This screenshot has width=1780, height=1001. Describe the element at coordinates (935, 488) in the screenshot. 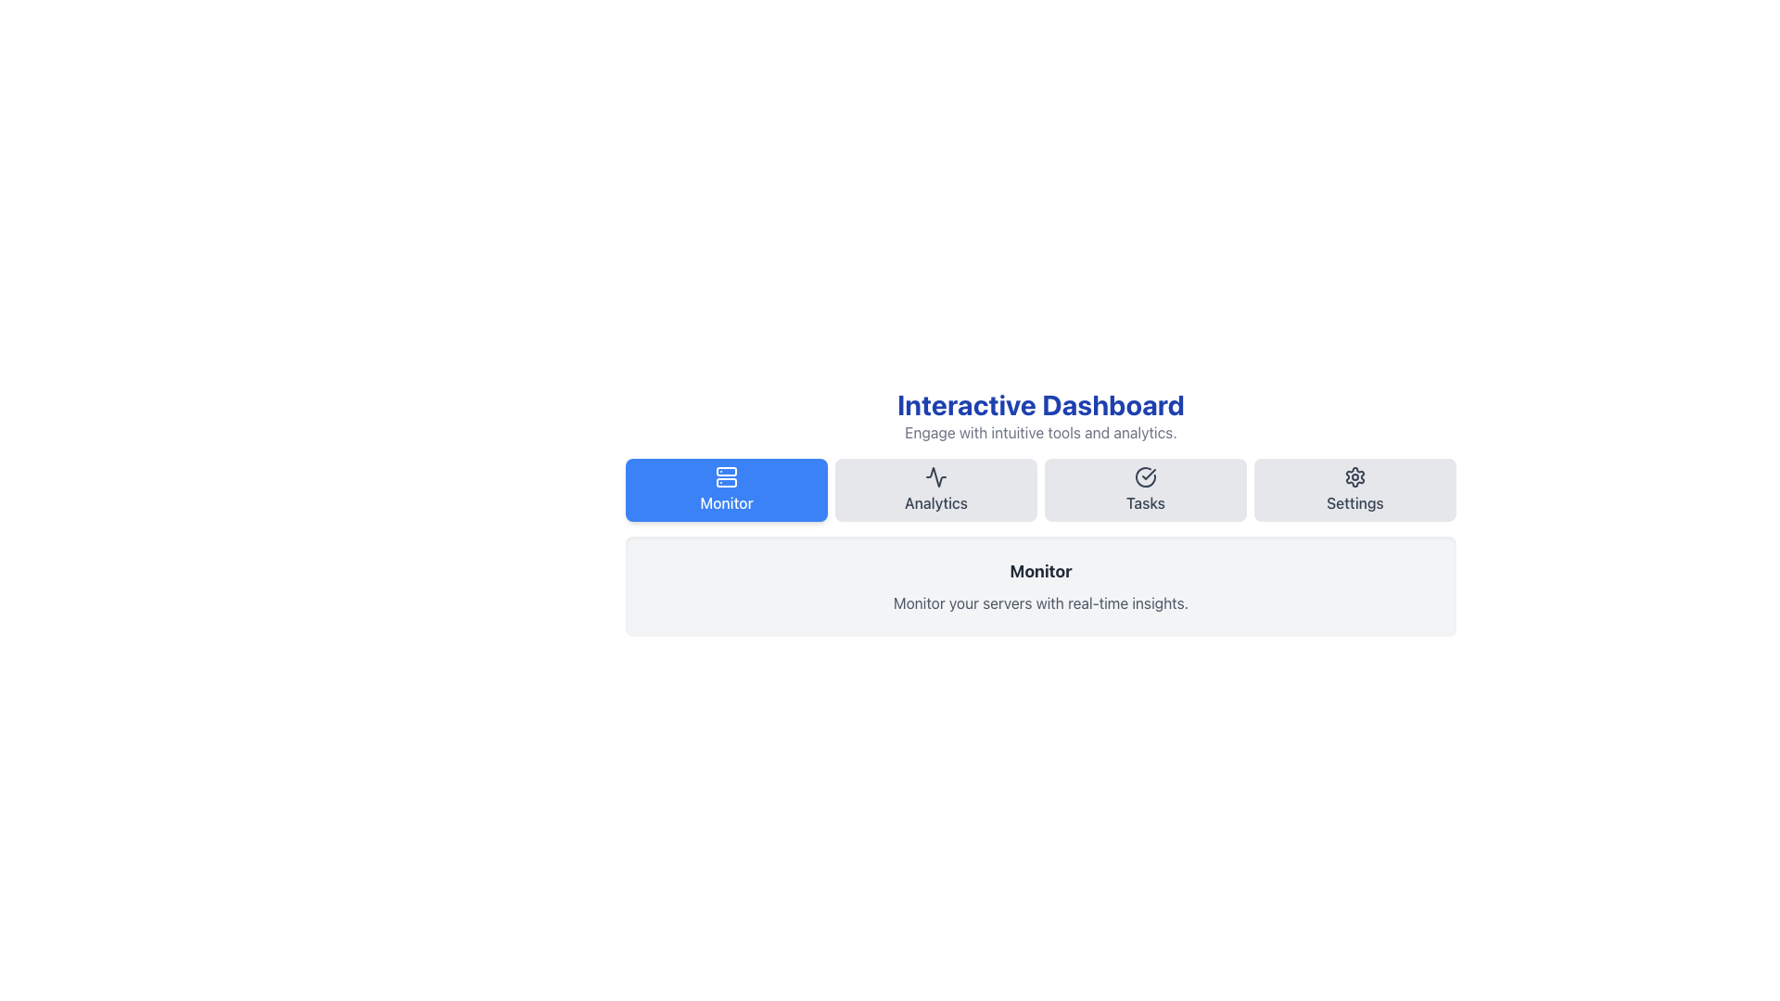

I see `the 'Analytics' button, which is a rectangular button with rounded corners, light gray background, and features a graph-like waveform icon above the text 'Analytics'` at that location.